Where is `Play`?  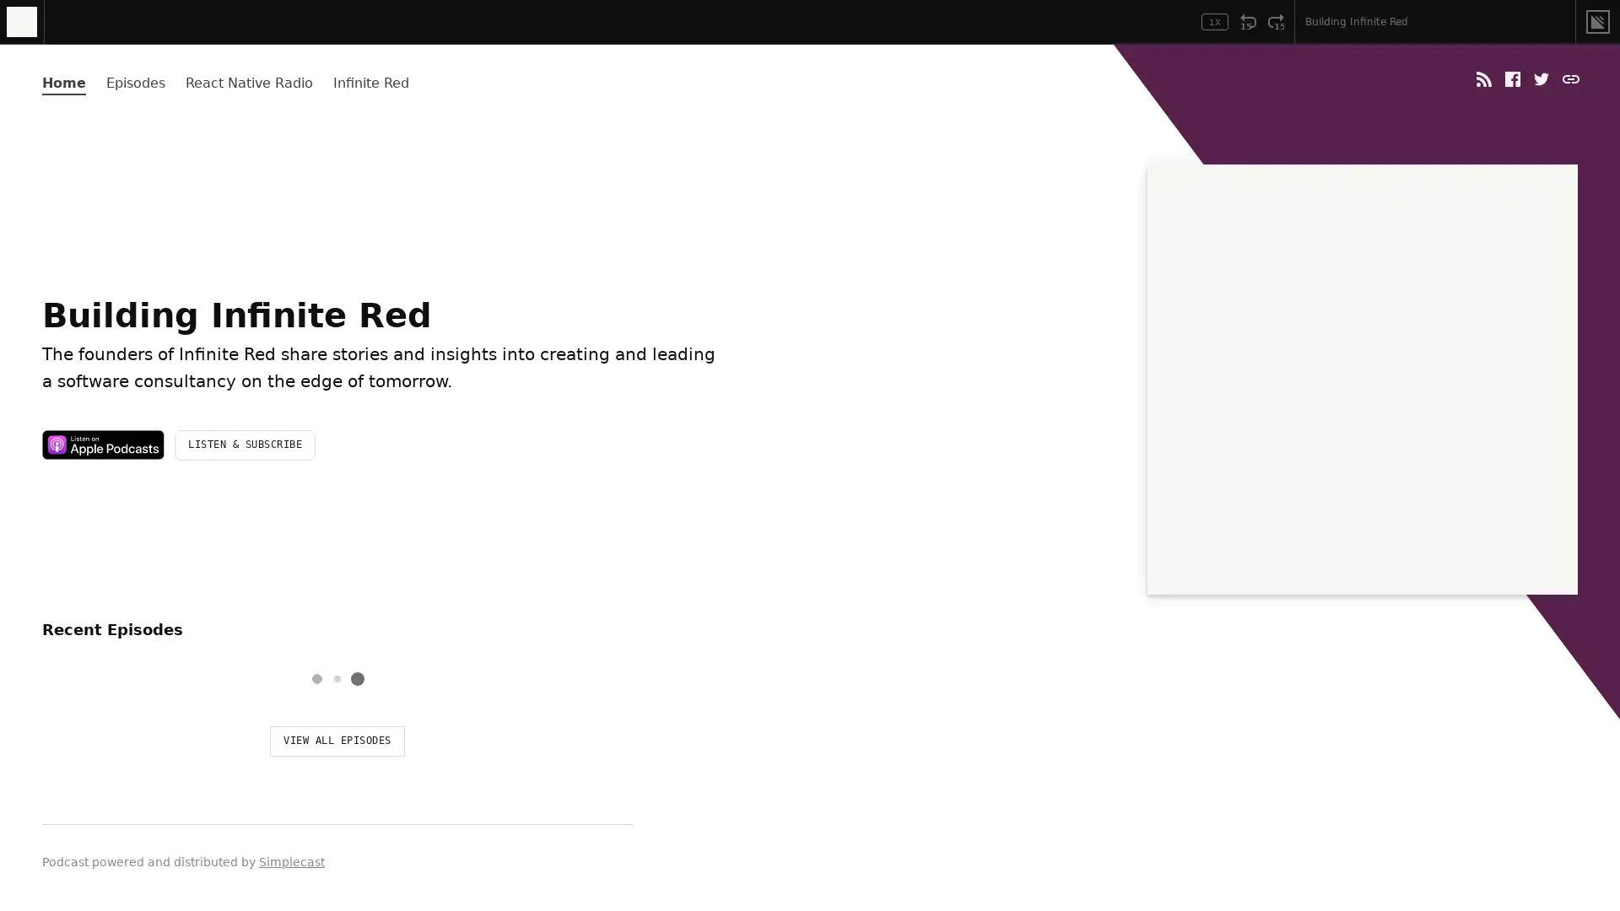
Play is located at coordinates (64, 22).